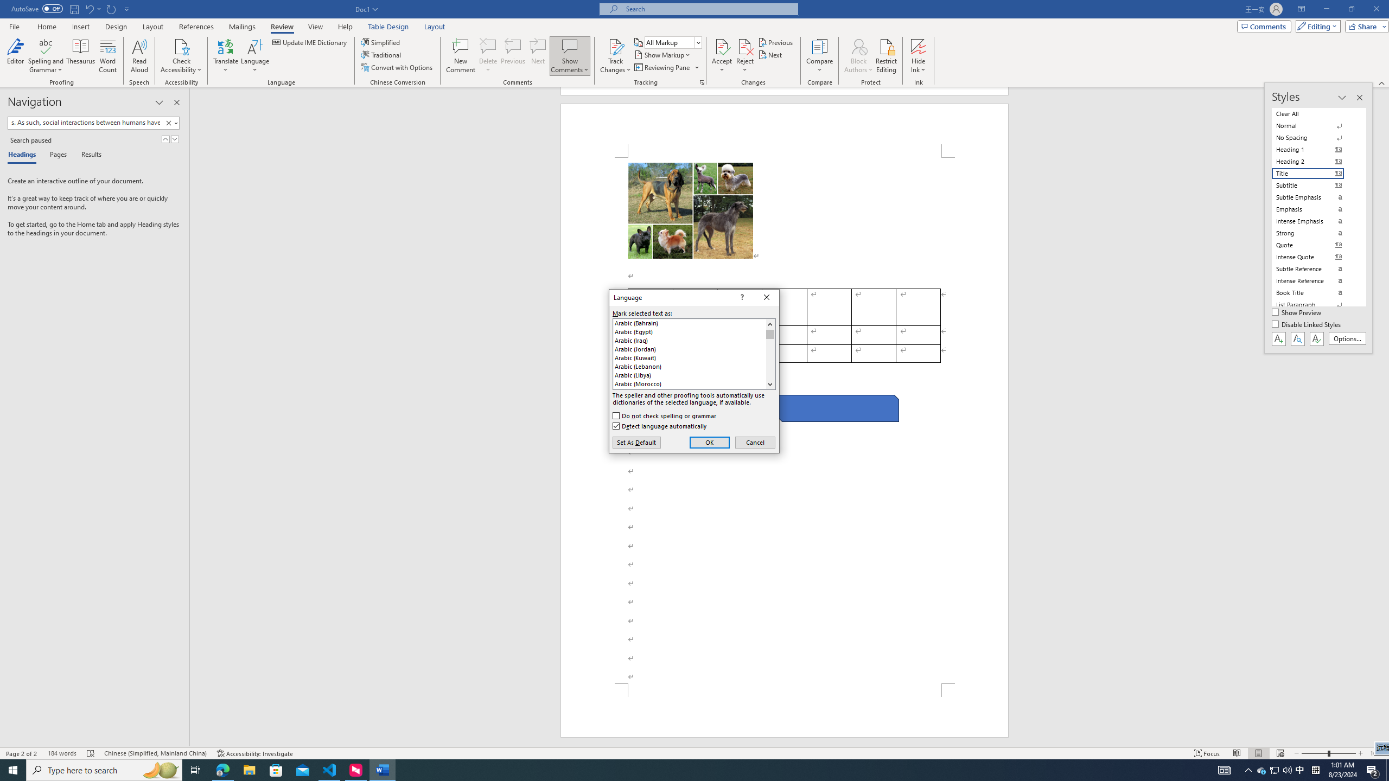 The image size is (1389, 781). I want to click on 'Reviewing Pane', so click(662, 66).